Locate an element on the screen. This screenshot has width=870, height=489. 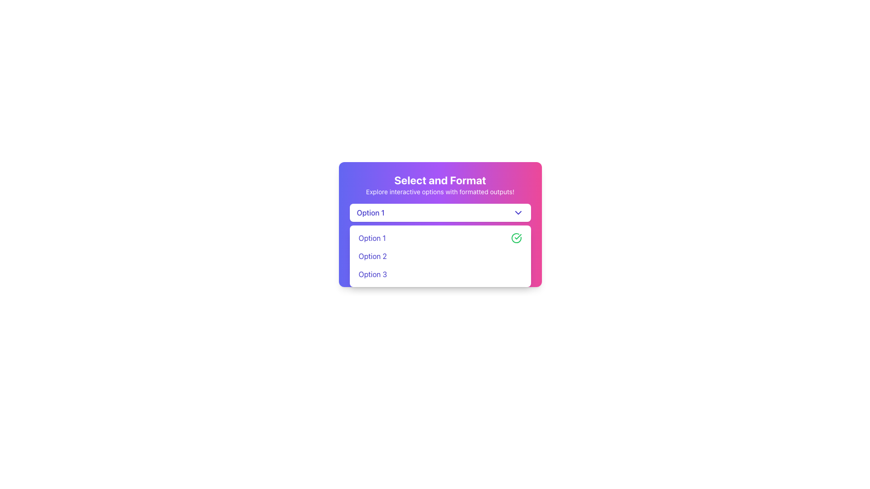
text labeled 'Option 1' which is styled in blue font against a white background within the first item of a dropdown menu is located at coordinates (372, 237).